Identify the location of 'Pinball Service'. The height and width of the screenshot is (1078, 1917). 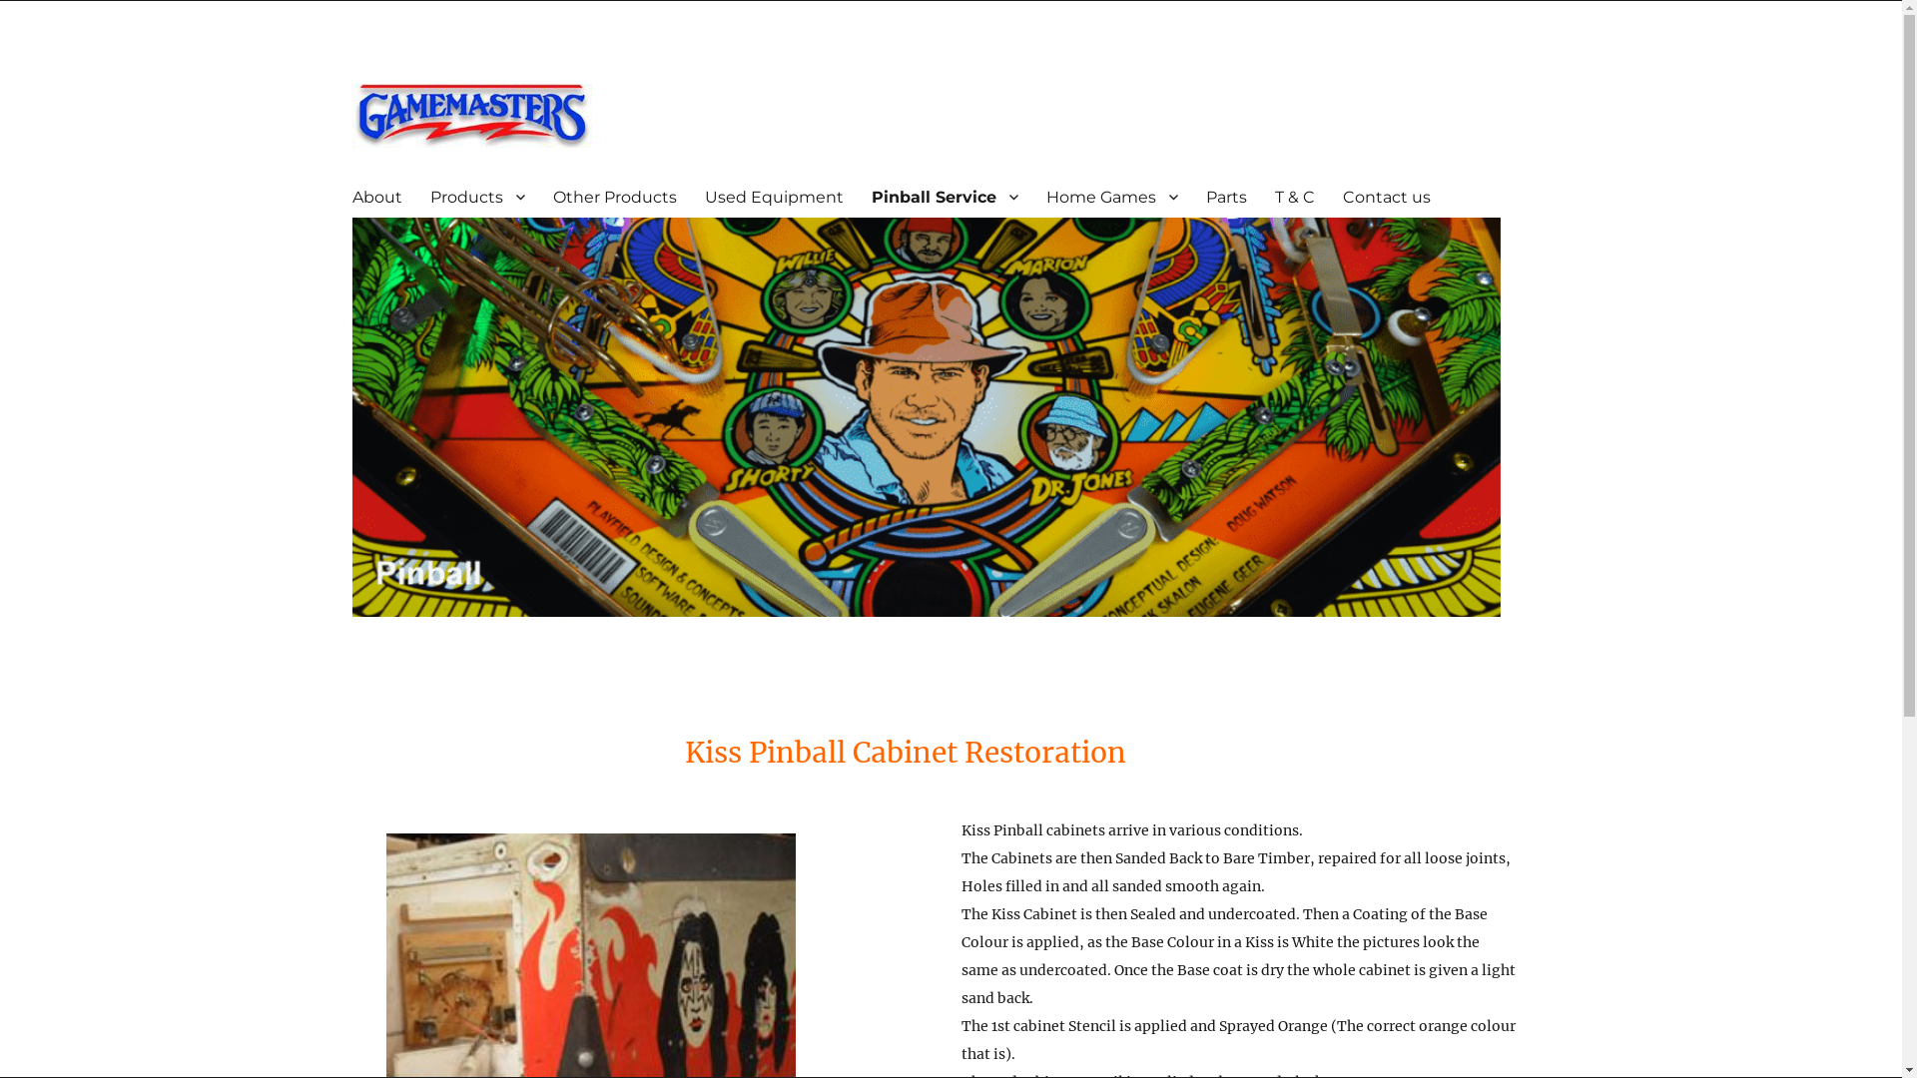
(943, 196).